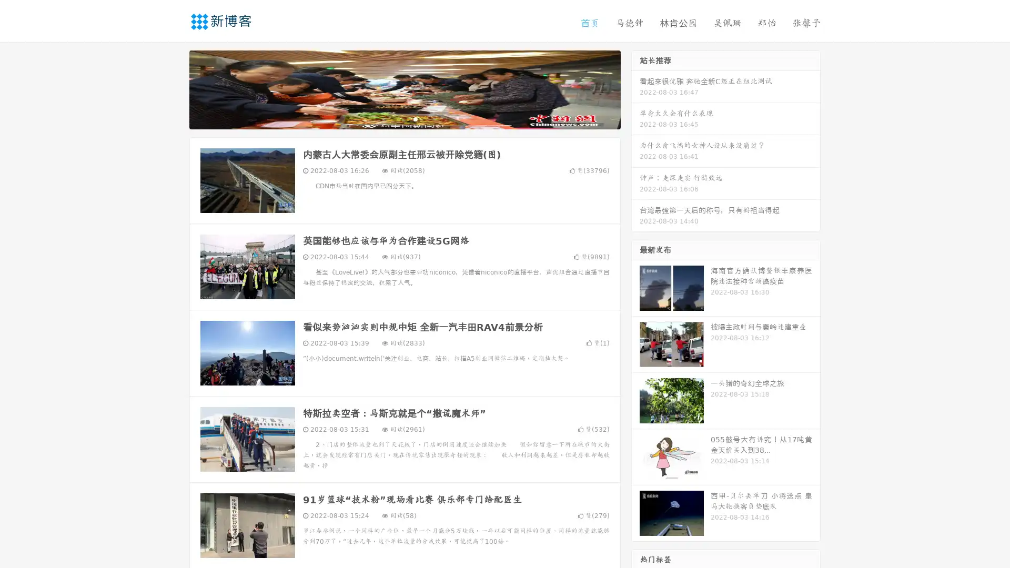 Image resolution: width=1010 pixels, height=568 pixels. Describe the element at coordinates (393, 118) in the screenshot. I see `Go to slide 1` at that location.